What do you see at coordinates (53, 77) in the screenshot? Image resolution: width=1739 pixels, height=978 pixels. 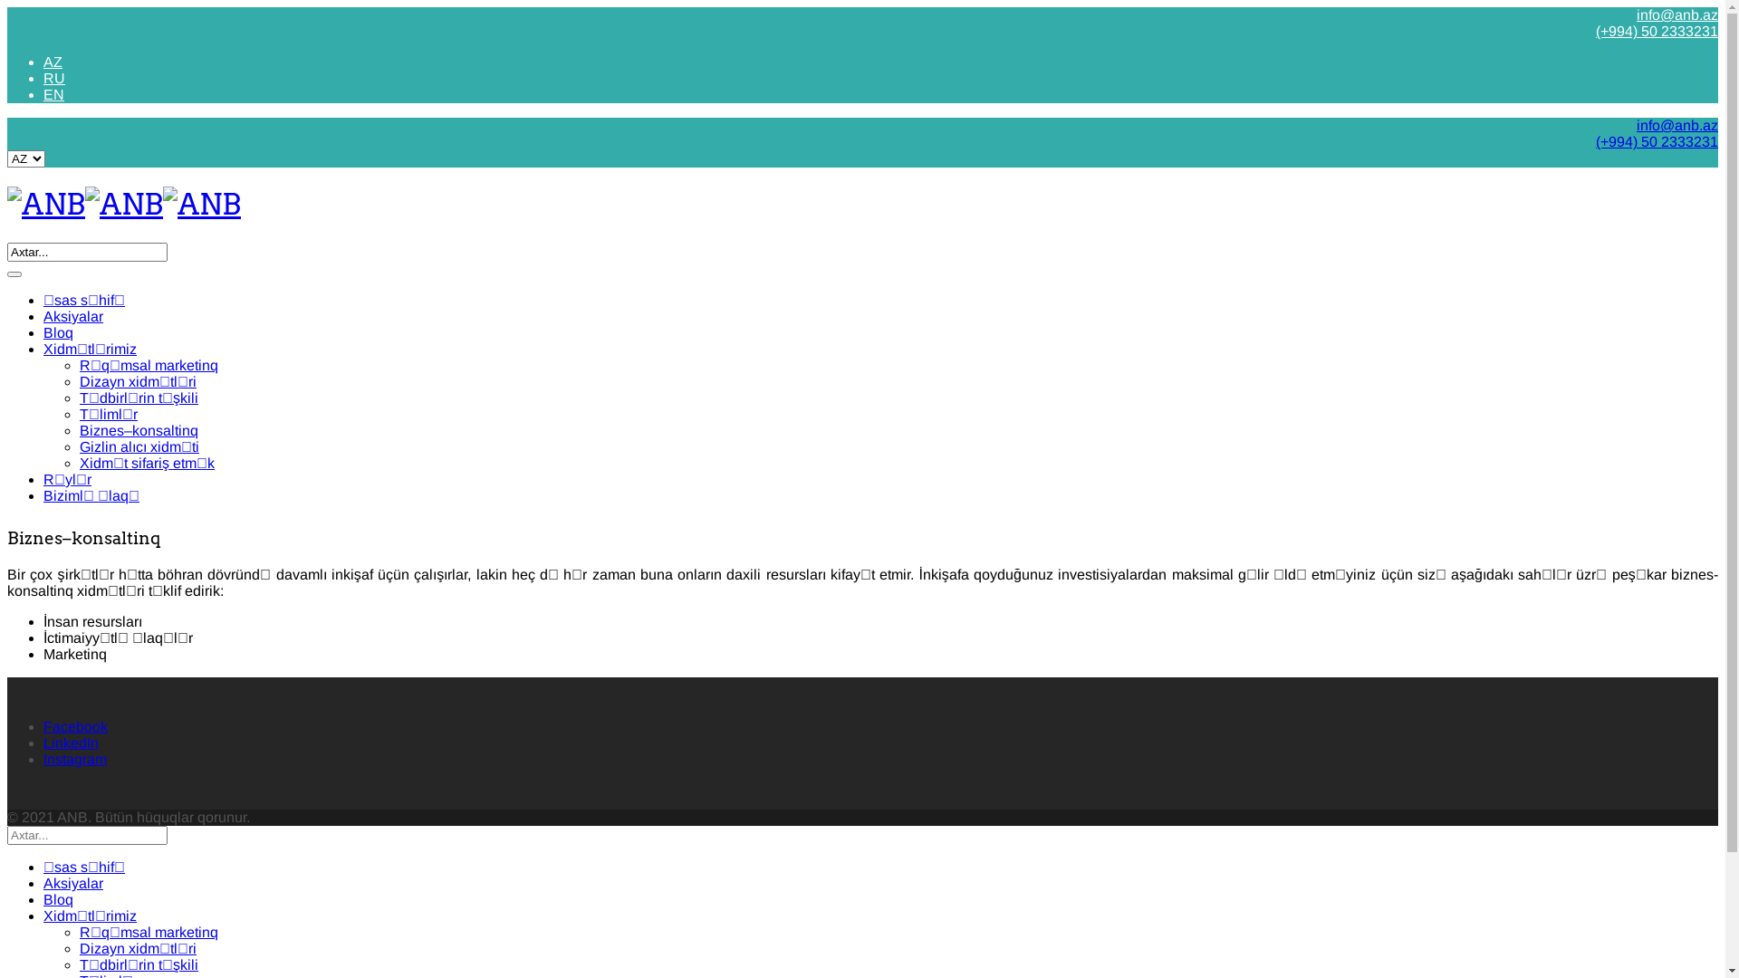 I see `'RU'` at bounding box center [53, 77].